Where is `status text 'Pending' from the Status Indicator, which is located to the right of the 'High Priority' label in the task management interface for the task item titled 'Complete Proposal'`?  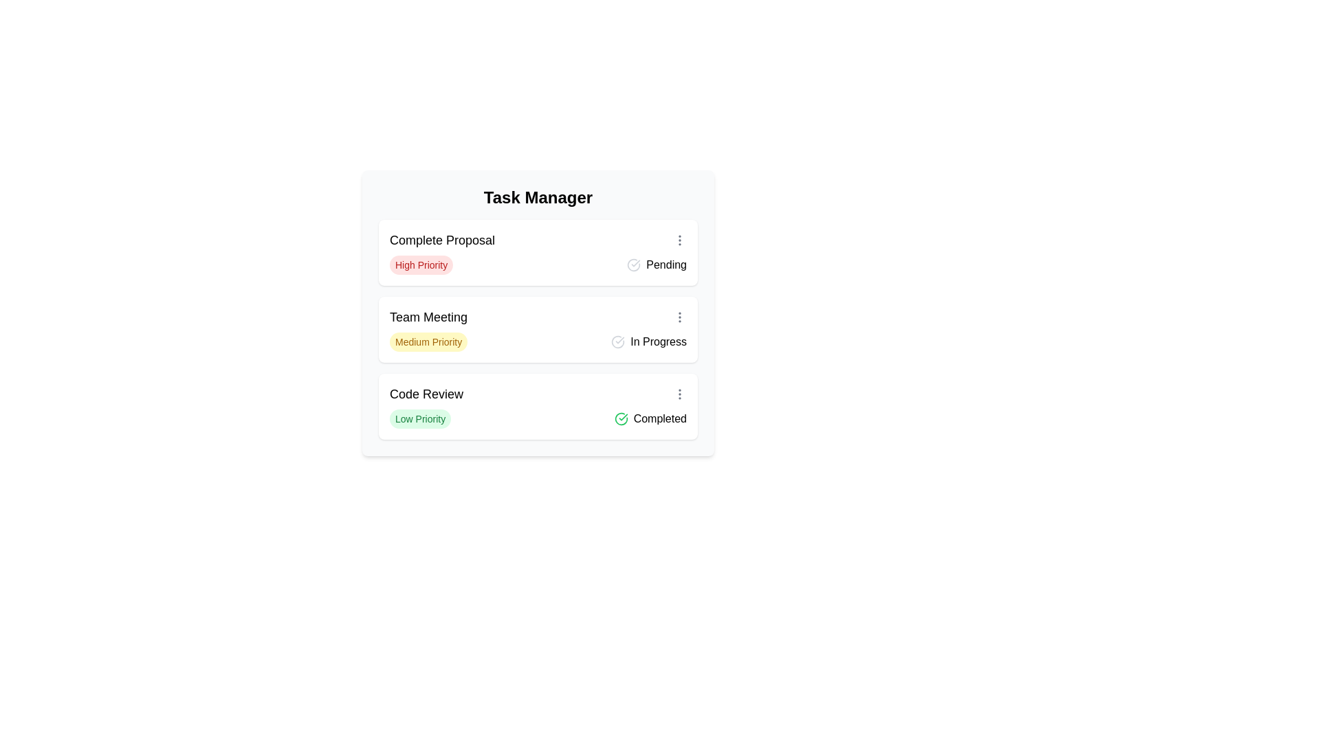
status text 'Pending' from the Status Indicator, which is located to the right of the 'High Priority' label in the task management interface for the task item titled 'Complete Proposal' is located at coordinates (656, 265).